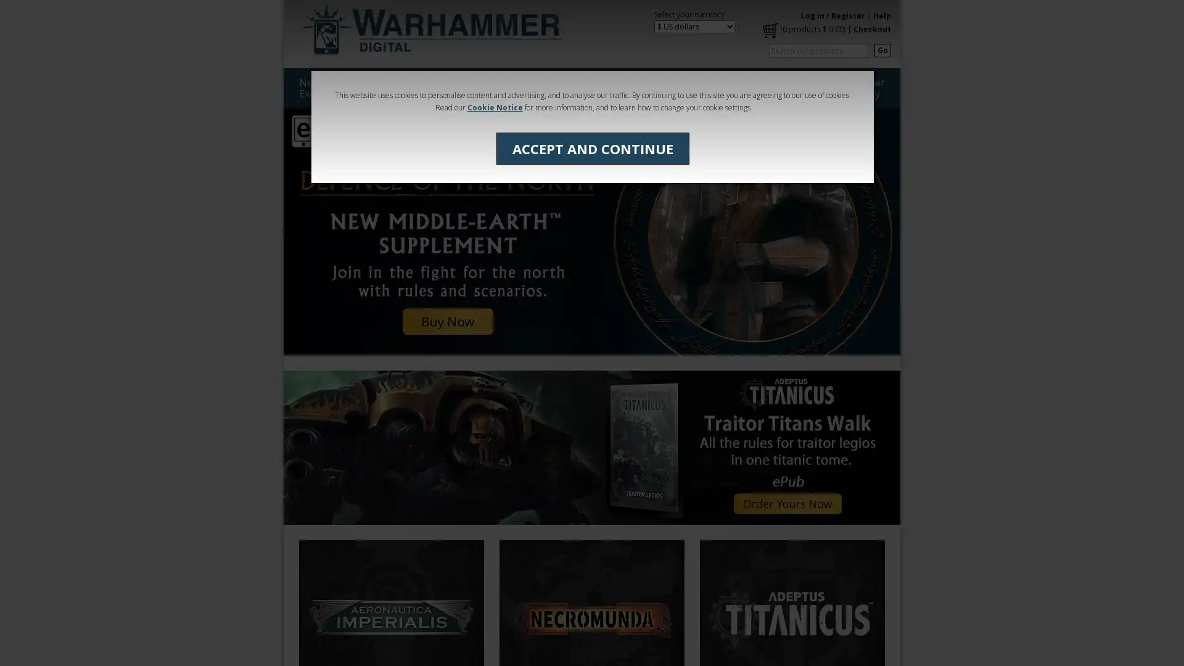  Describe the element at coordinates (592, 147) in the screenshot. I see `ACCEPT AND CONTINUE` at that location.